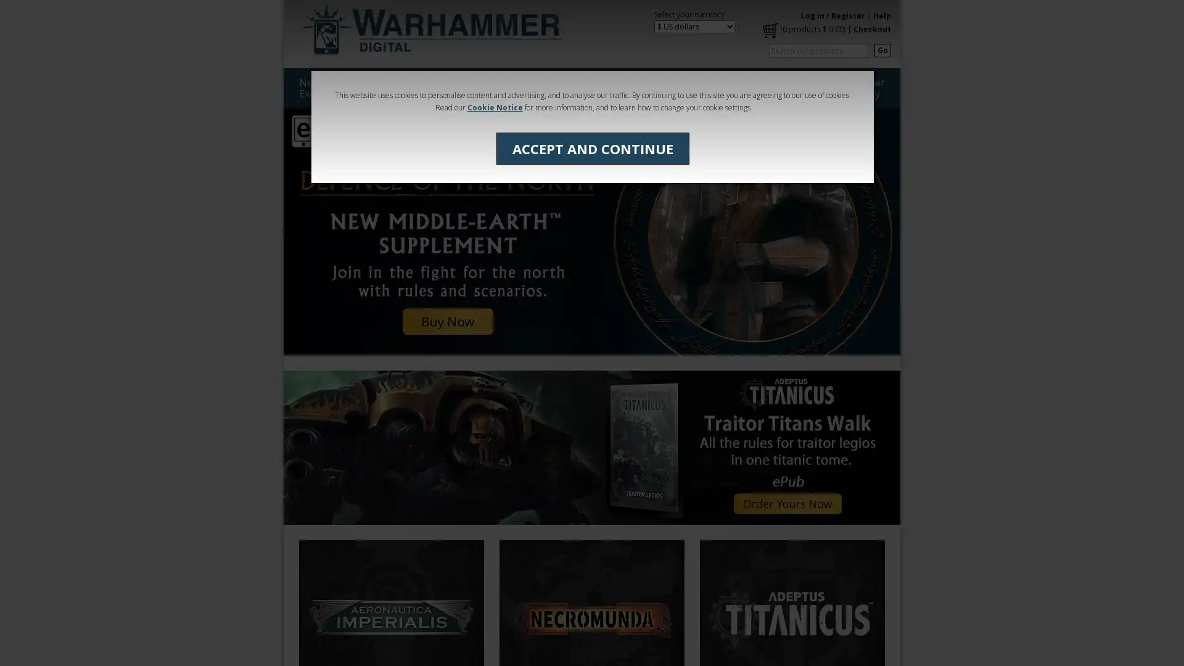  Describe the element at coordinates (592, 147) in the screenshot. I see `ACCEPT AND CONTINUE` at that location.